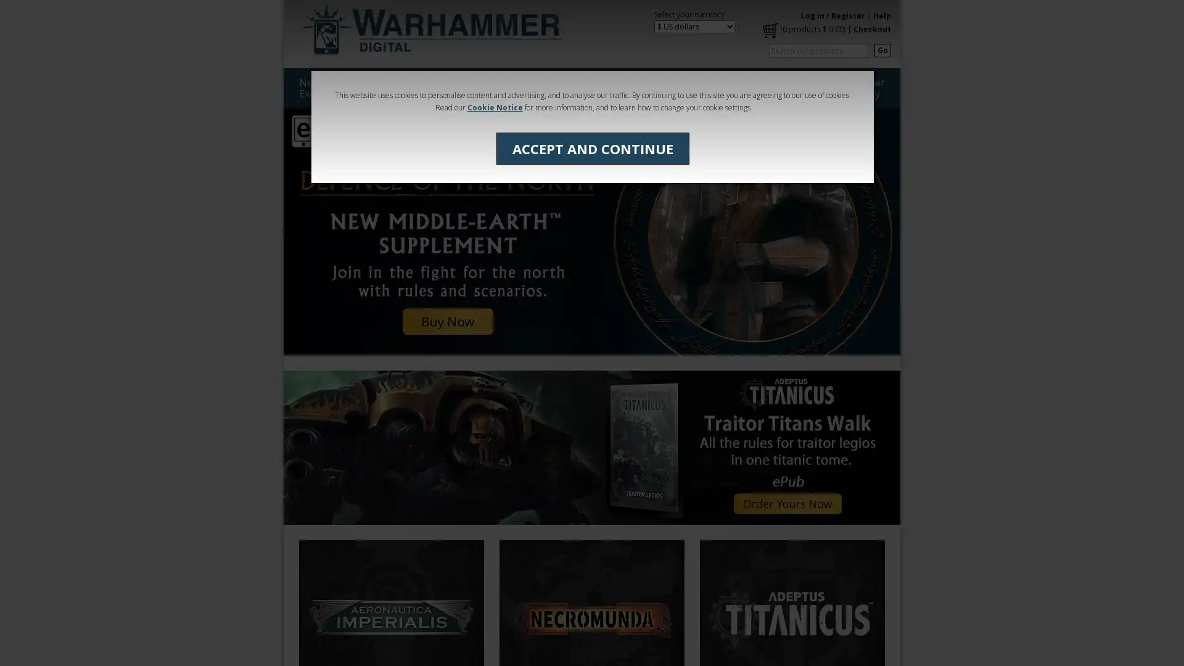  Describe the element at coordinates (592, 147) in the screenshot. I see `ACCEPT AND CONTINUE` at that location.